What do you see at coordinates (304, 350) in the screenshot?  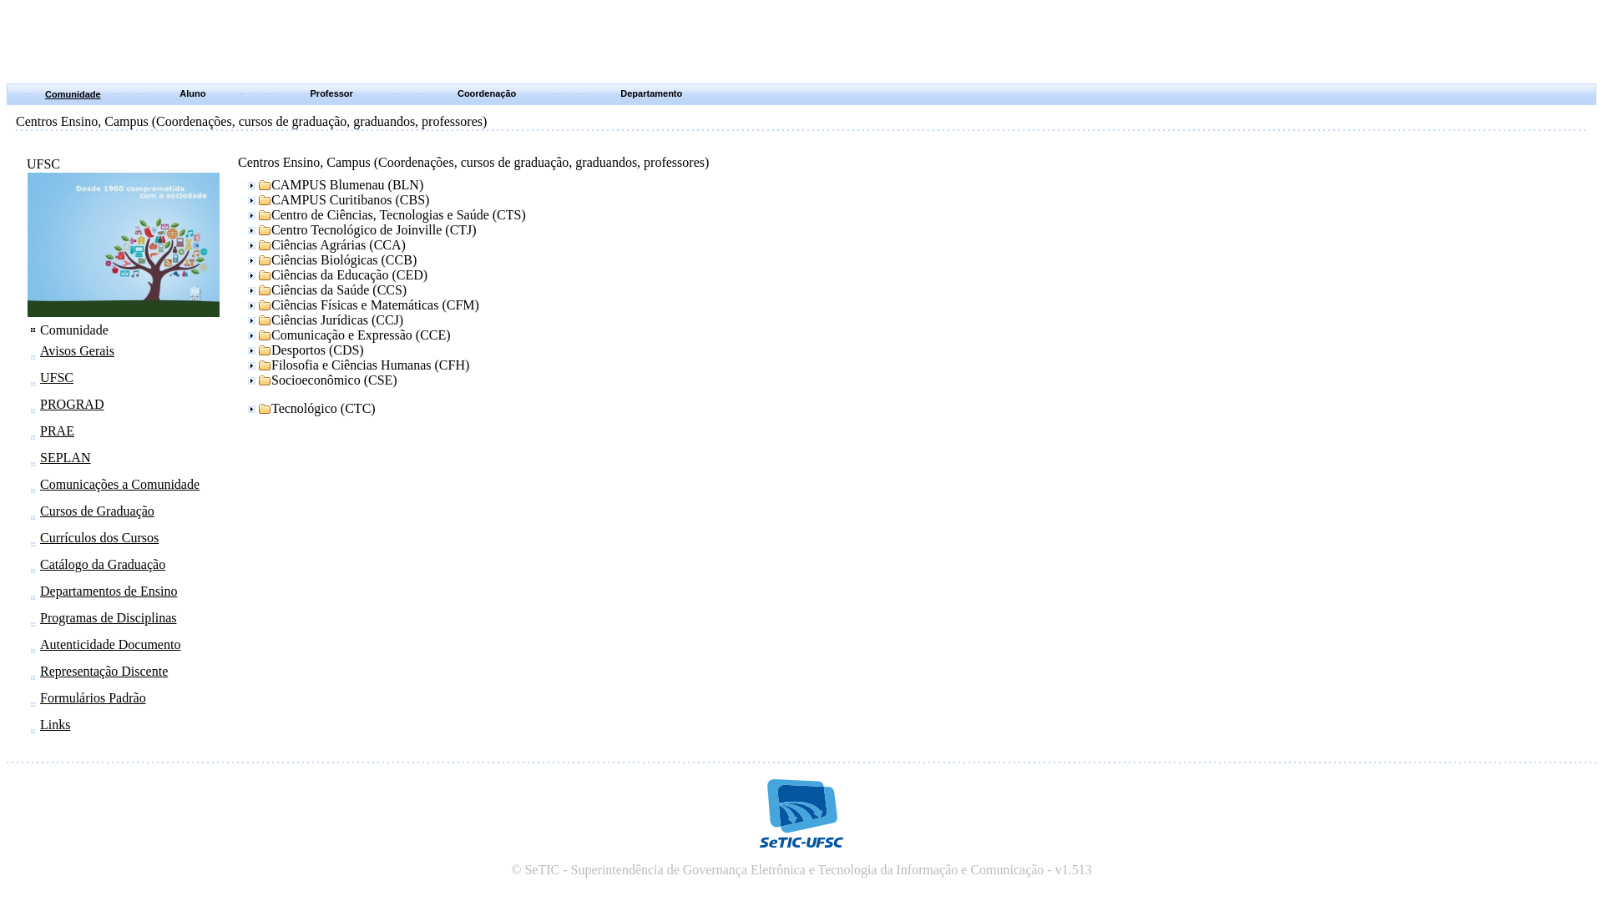 I see `'Desportos (CDS)'` at bounding box center [304, 350].